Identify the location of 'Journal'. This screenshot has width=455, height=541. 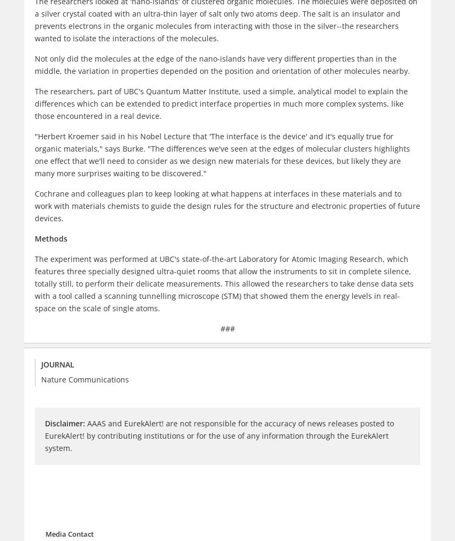
(57, 364).